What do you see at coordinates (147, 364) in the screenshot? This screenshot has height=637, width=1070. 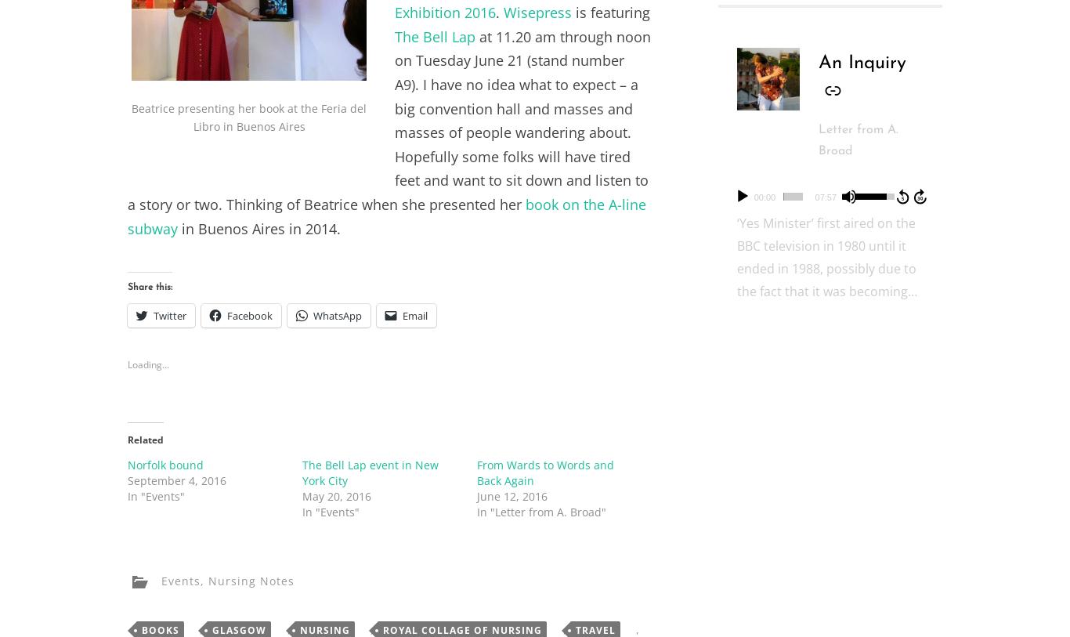 I see `'Loading...'` at bounding box center [147, 364].